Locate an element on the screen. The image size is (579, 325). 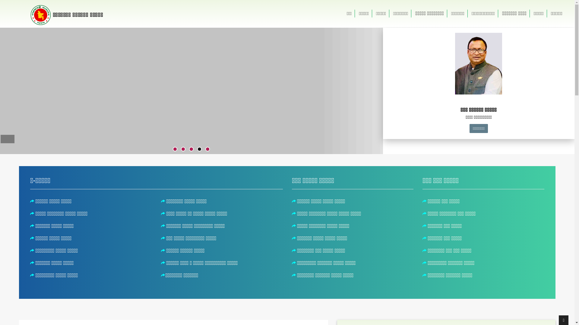
'2' is located at coordinates (183, 149).